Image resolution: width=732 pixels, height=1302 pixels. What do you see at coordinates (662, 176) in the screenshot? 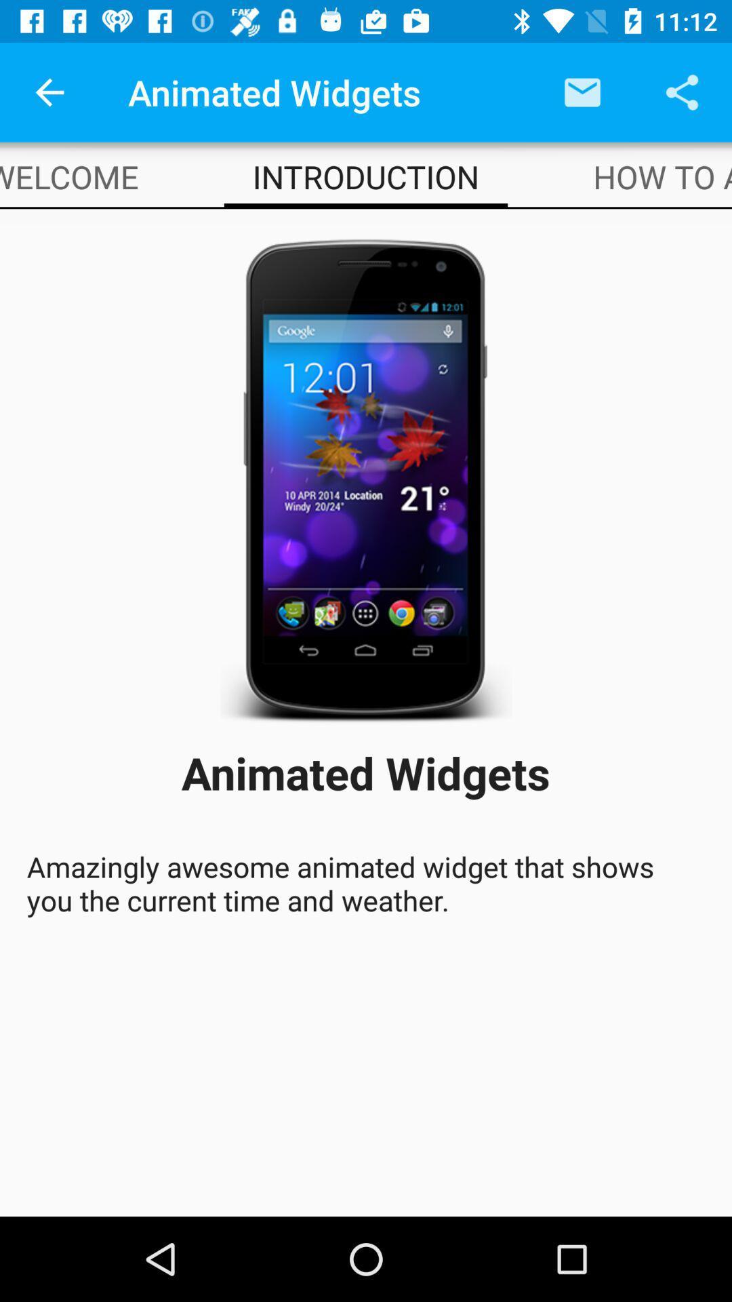
I see `icon to the right of the introduction item` at bounding box center [662, 176].